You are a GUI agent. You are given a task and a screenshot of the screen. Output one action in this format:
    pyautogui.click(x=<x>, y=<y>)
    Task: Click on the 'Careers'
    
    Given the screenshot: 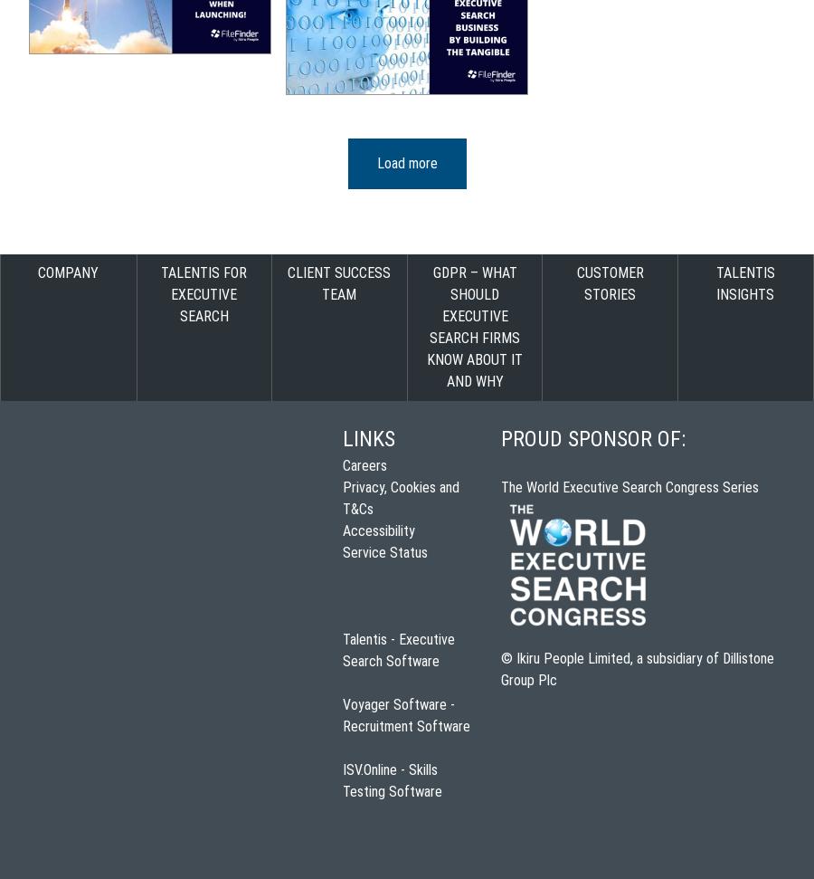 What is the action you would take?
    pyautogui.click(x=364, y=464)
    